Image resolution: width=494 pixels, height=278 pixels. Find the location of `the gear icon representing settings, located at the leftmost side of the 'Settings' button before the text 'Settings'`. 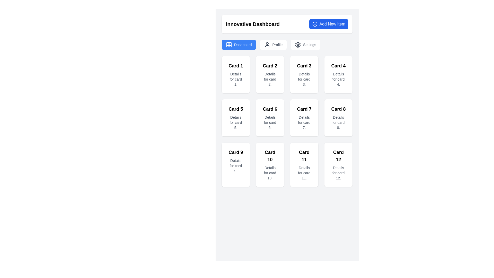

the gear icon representing settings, located at the leftmost side of the 'Settings' button before the text 'Settings' is located at coordinates (298, 44).